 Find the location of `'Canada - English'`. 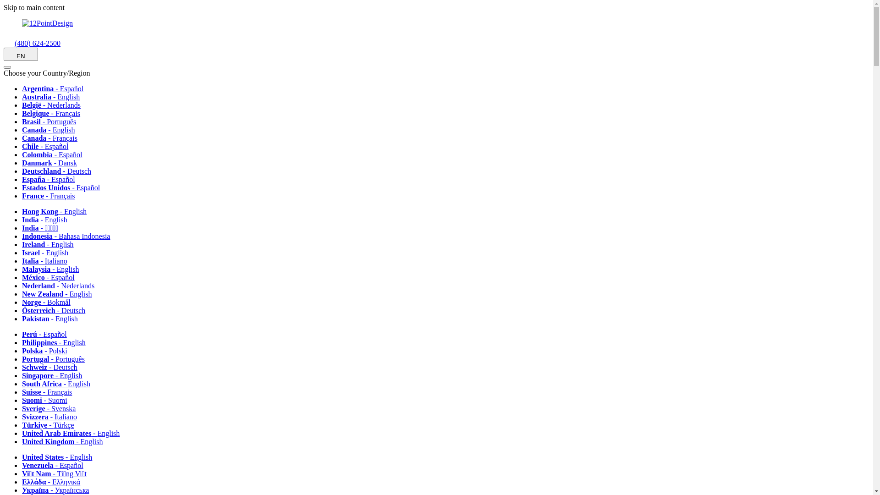

'Canada - English' is located at coordinates (22, 130).